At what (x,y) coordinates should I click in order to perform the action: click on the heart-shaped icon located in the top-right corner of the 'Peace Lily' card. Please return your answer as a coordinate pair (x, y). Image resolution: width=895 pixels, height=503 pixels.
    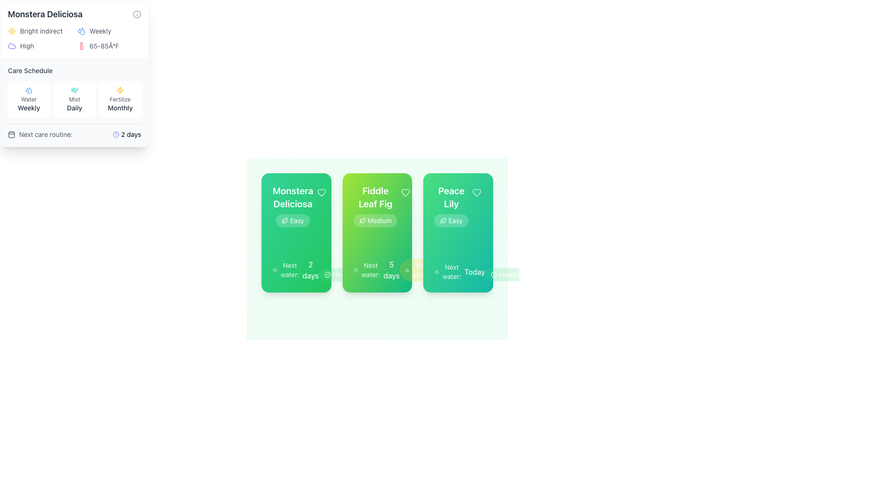
    Looking at the image, I should click on (476, 192).